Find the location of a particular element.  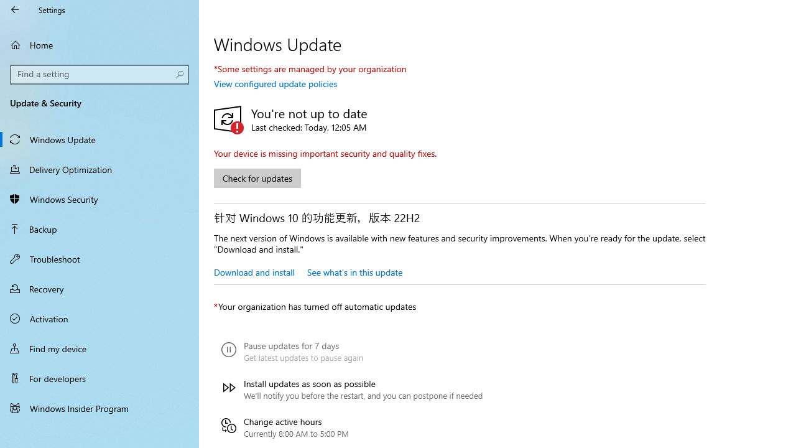

'Delivery Optimization' is located at coordinates (99, 169).